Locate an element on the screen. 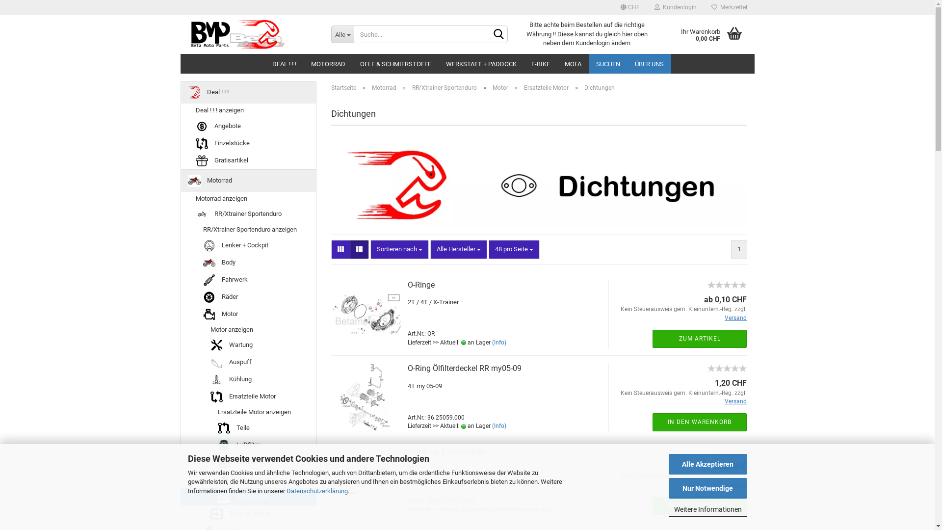 Image resolution: width=942 pixels, height=530 pixels. 'MOTORRAD' is located at coordinates (327, 64).